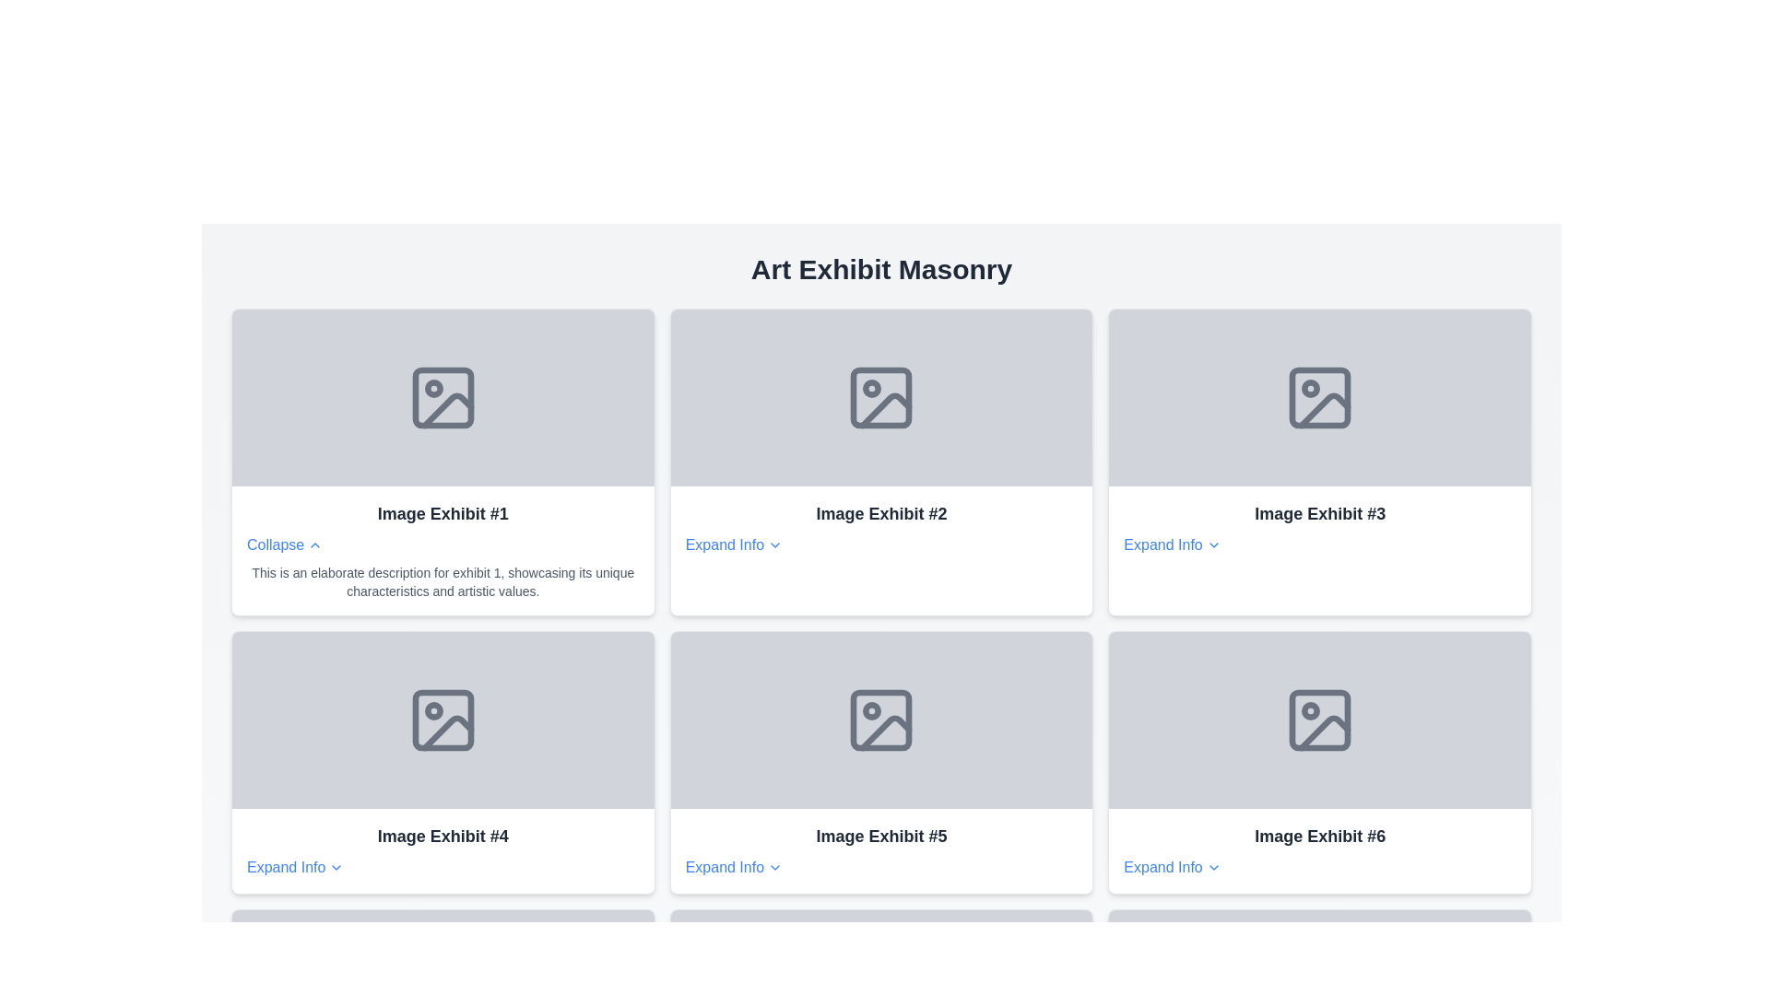 This screenshot has height=995, width=1770. I want to click on the decorative icon fragment within the top row, first column of the 'Image Exhibit #1' grid layout, so click(447, 409).